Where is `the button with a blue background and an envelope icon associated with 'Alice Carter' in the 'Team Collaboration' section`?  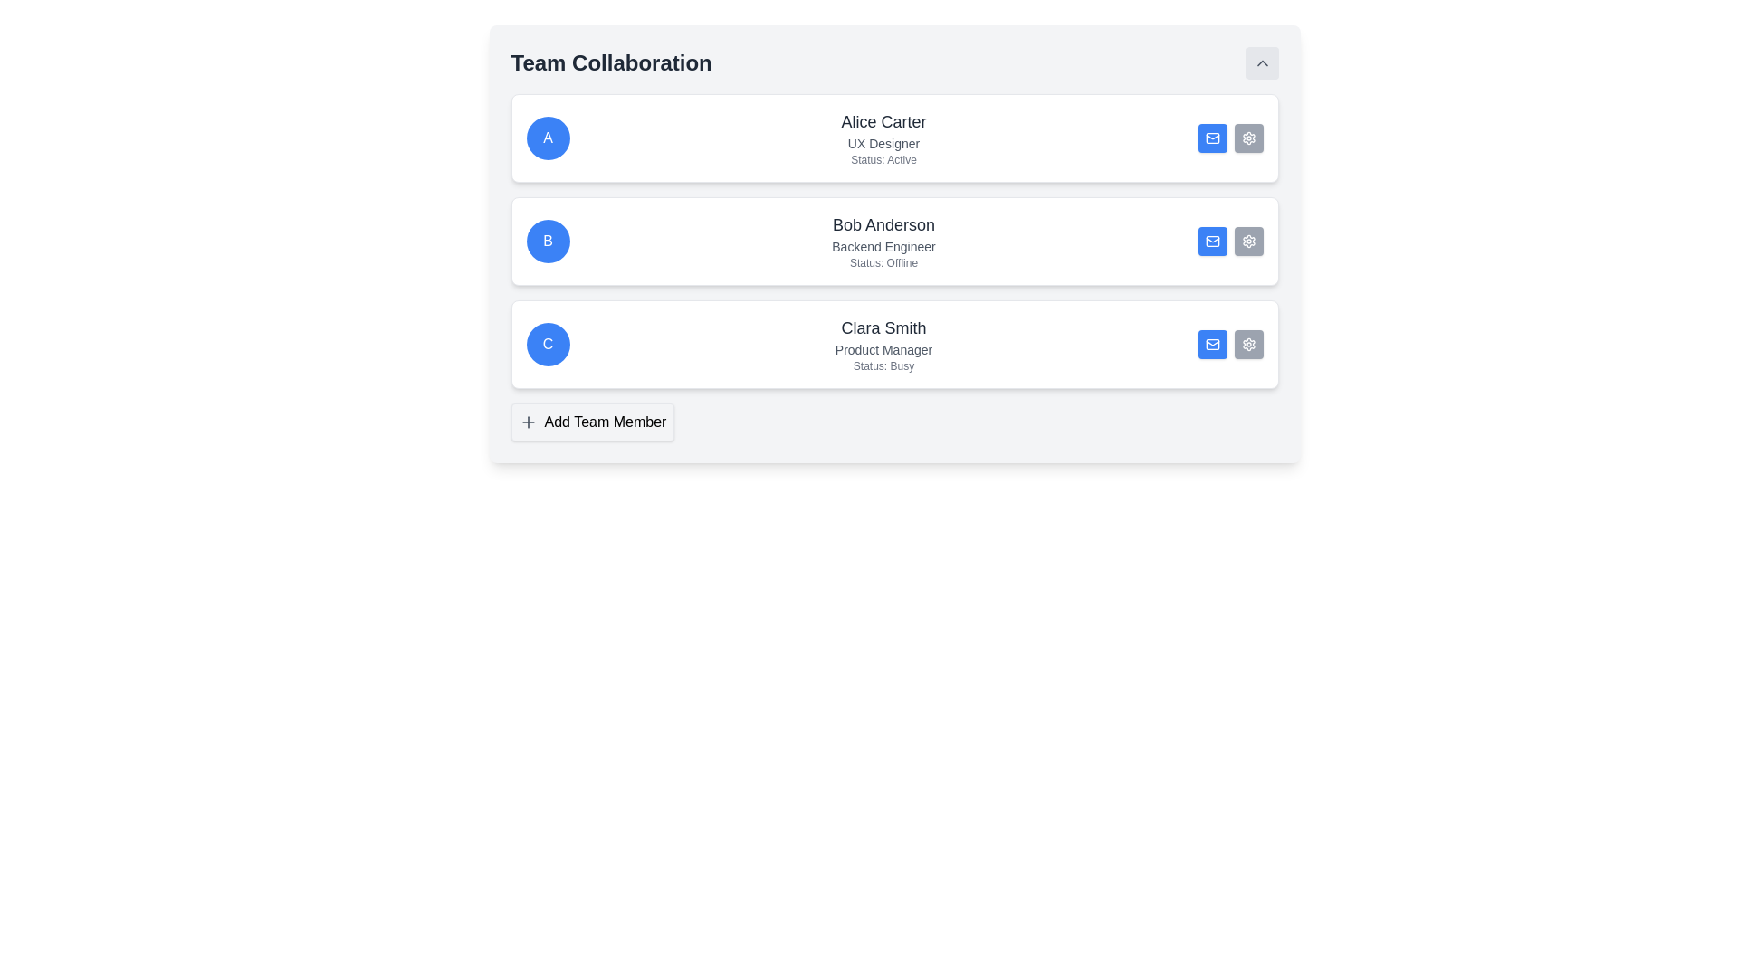
the button with a blue background and an envelope icon associated with 'Alice Carter' in the 'Team Collaboration' section is located at coordinates (1212, 138).